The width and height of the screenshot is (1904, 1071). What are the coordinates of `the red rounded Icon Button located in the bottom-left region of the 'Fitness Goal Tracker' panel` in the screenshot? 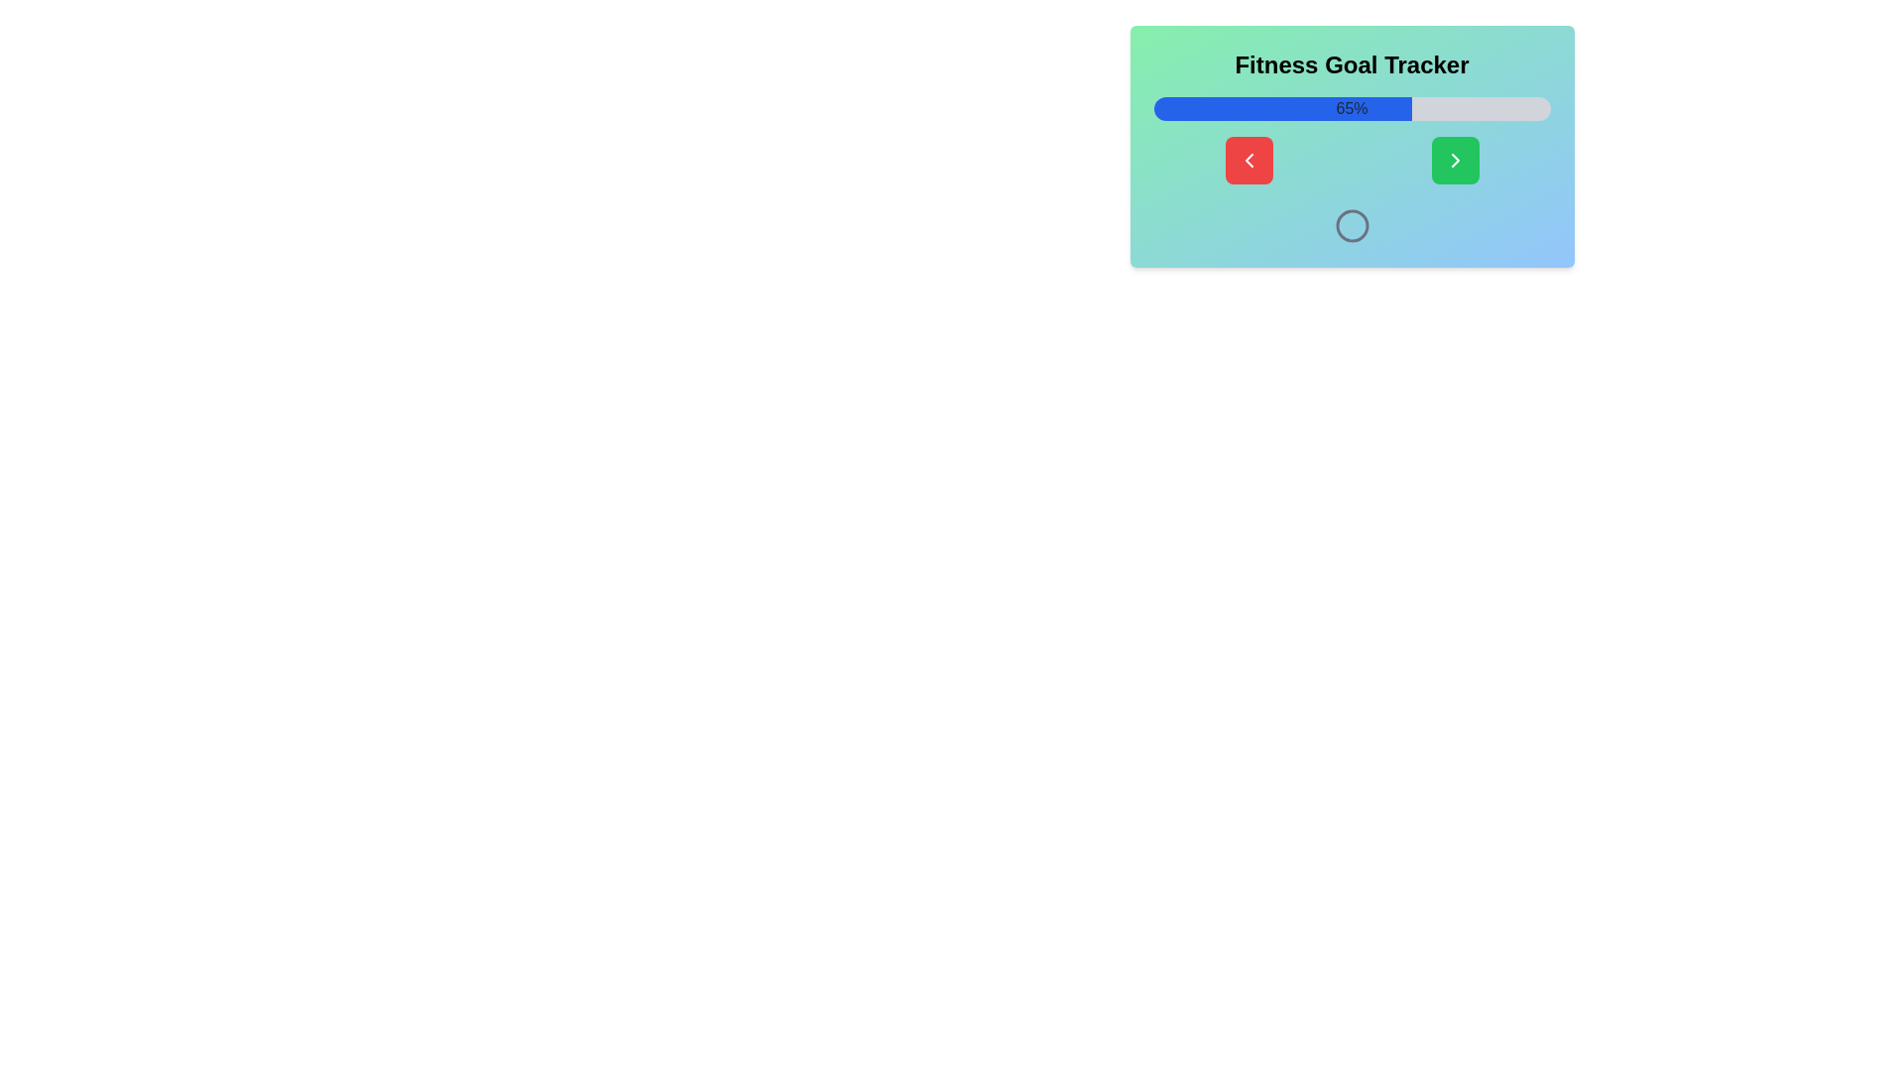 It's located at (1248, 160).